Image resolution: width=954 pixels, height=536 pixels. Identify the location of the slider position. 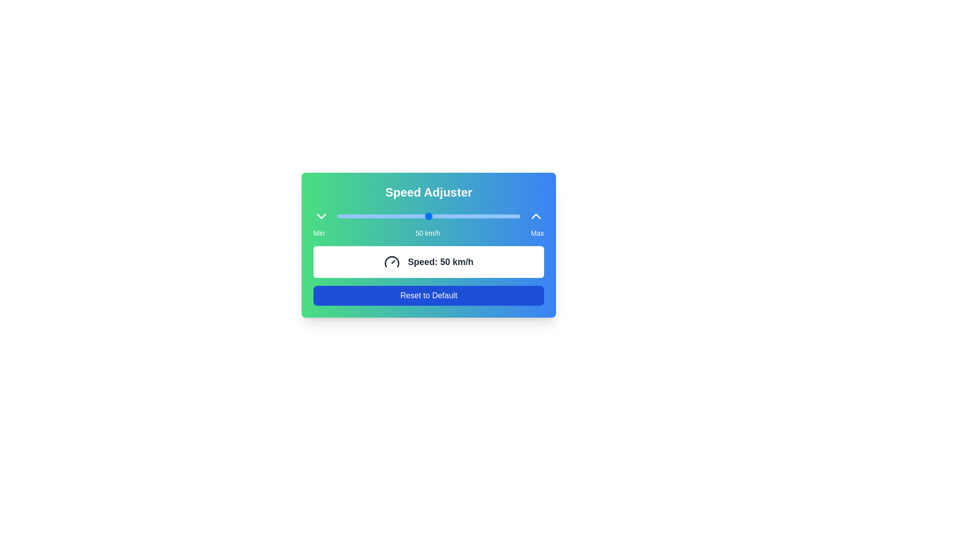
(461, 215).